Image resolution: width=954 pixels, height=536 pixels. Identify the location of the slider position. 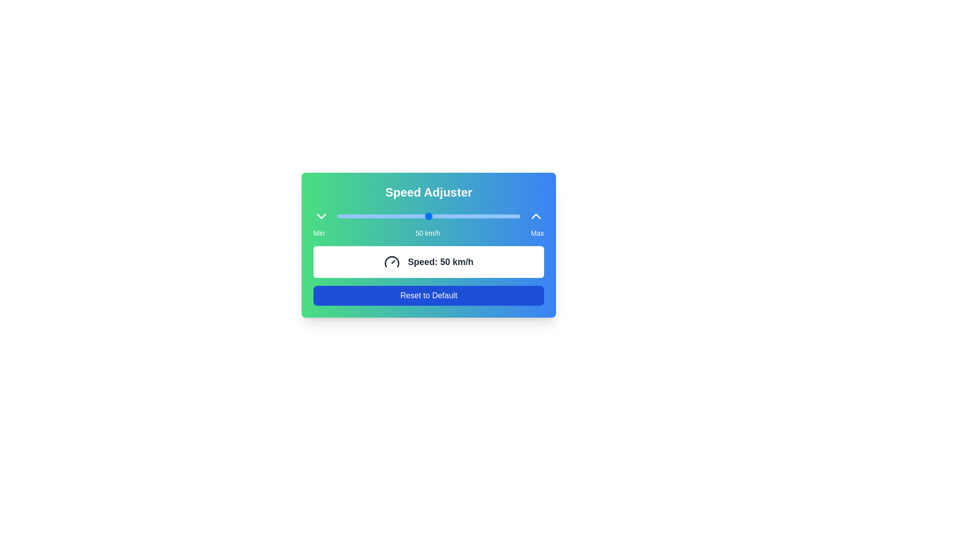
(461, 215).